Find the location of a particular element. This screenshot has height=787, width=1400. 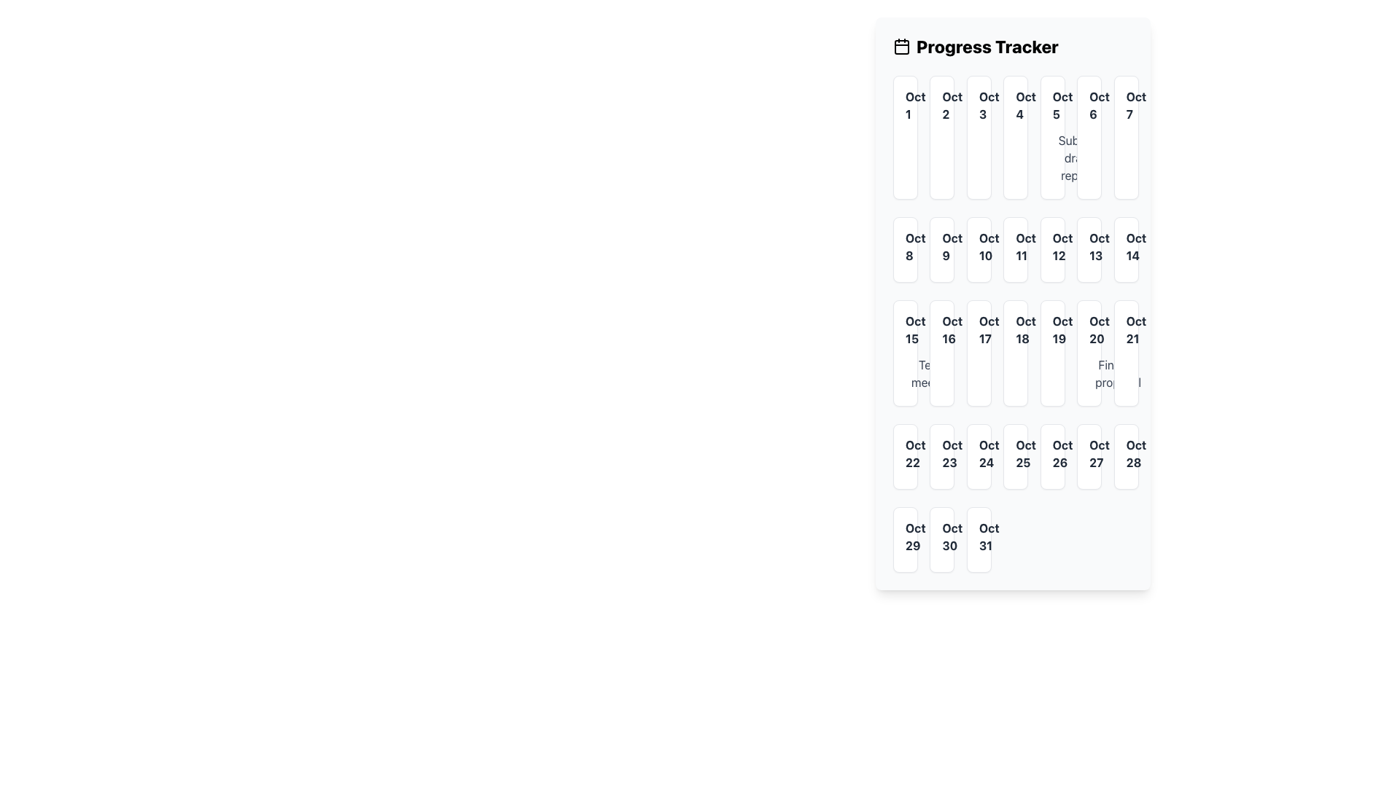

the non-interactive calendar date display for 'Oct 19' located in the fourth column of the 'Progress Tracker' grid, between 'Oct 18' and 'Oct 20' is located at coordinates (1052, 353).